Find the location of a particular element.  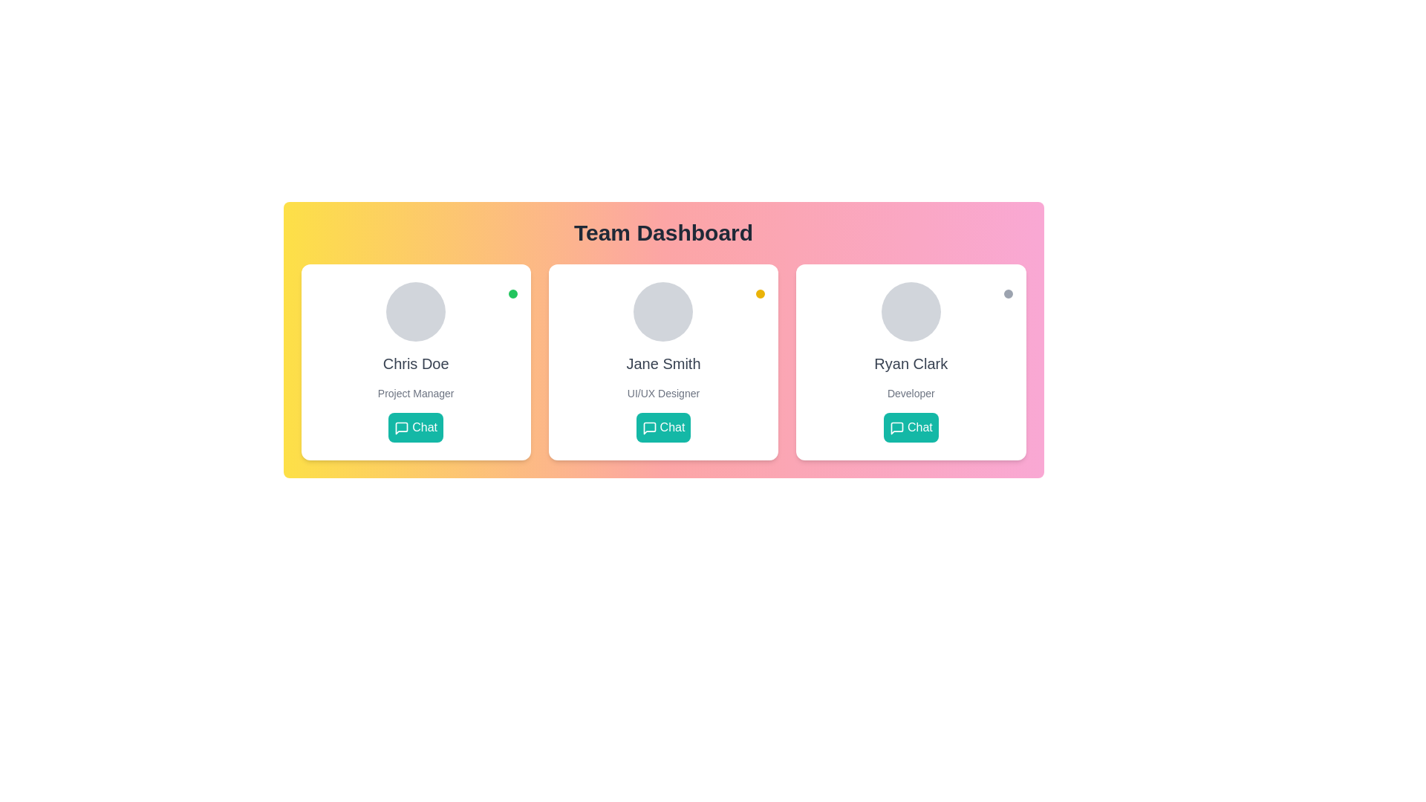

chat icon related to 'Jane Smith', which is positioned below the user's designation and above the 'Chat' button in the second card is located at coordinates (649, 428).